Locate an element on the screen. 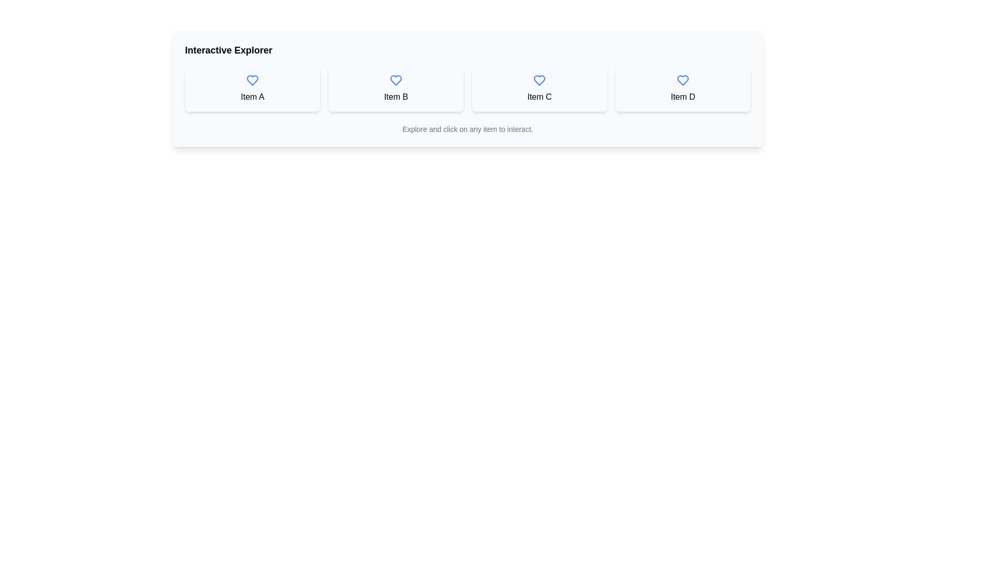 Image resolution: width=998 pixels, height=561 pixels. the heart icon located at the top-left of the card titled 'Item A' is located at coordinates (252, 79).